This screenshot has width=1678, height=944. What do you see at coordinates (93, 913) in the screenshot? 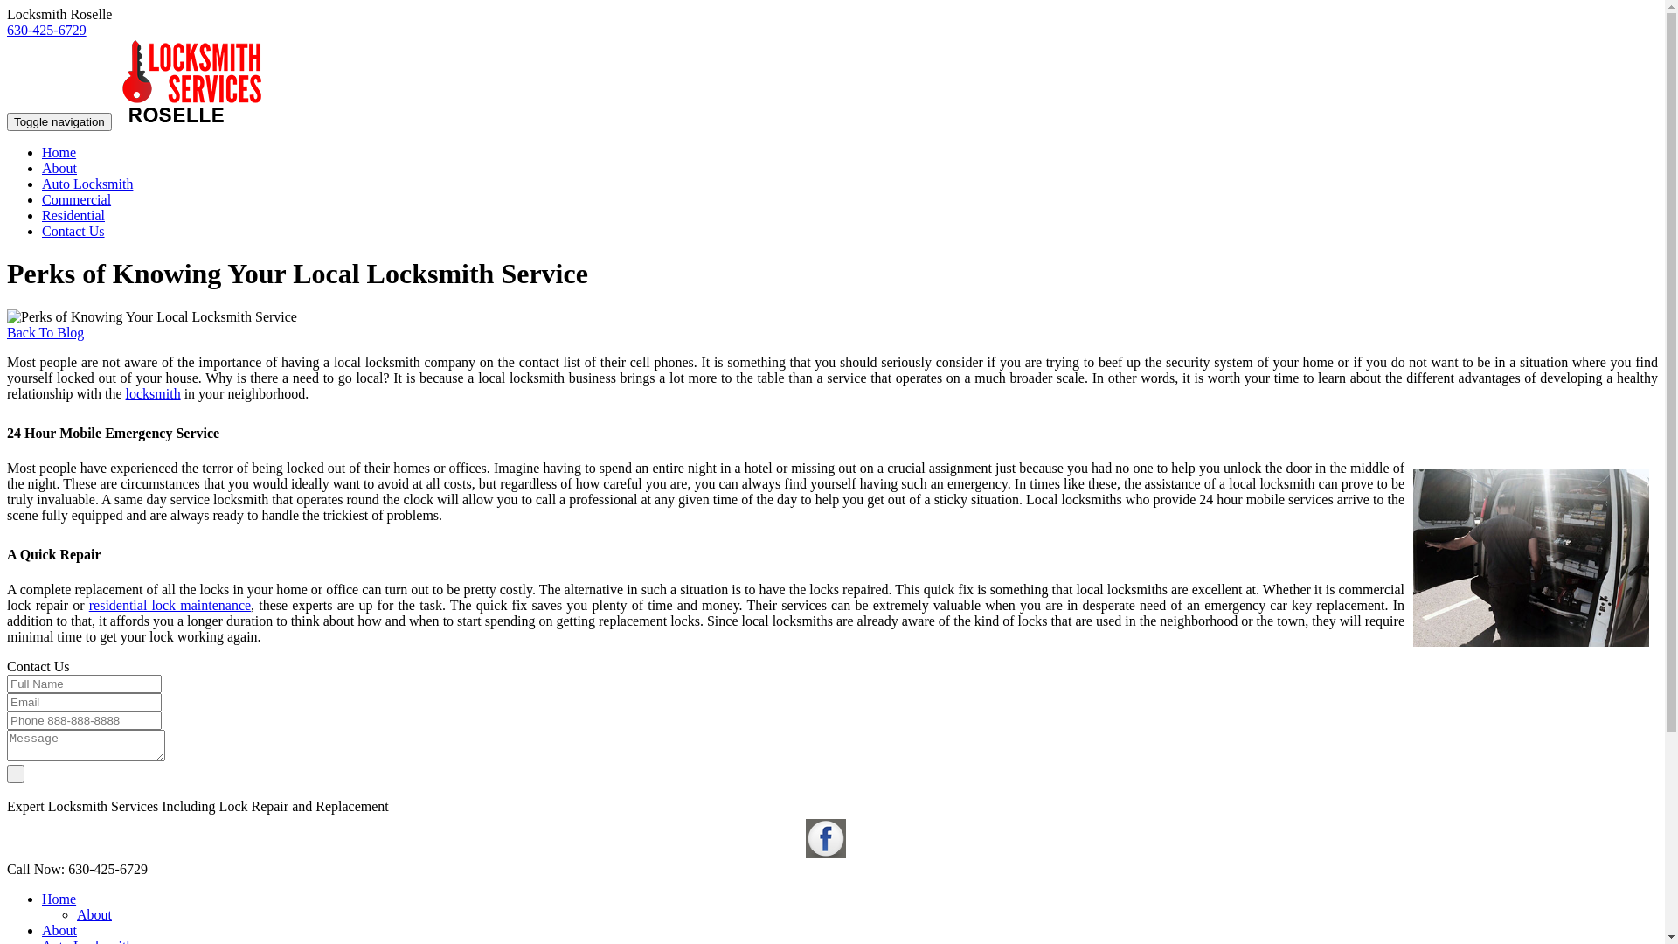
I see `'About'` at bounding box center [93, 913].